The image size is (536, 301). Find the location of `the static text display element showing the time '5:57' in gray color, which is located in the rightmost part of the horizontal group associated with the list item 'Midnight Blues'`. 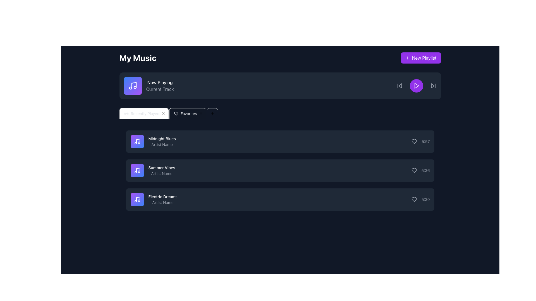

the static text display element showing the time '5:57' in gray color, which is located in the rightmost part of the horizontal group associated with the list item 'Midnight Blues' is located at coordinates (425, 141).